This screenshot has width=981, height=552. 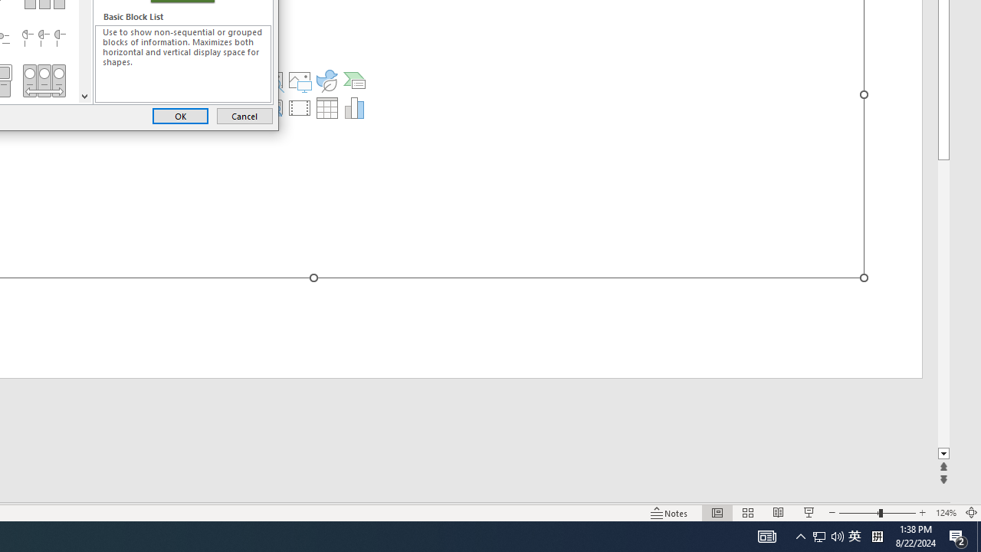 I want to click on 'OK', so click(x=180, y=115).